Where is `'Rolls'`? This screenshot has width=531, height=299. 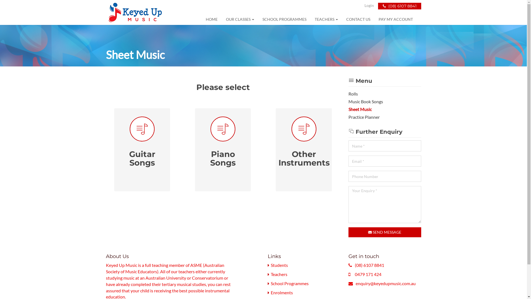 'Rolls' is located at coordinates (384, 94).